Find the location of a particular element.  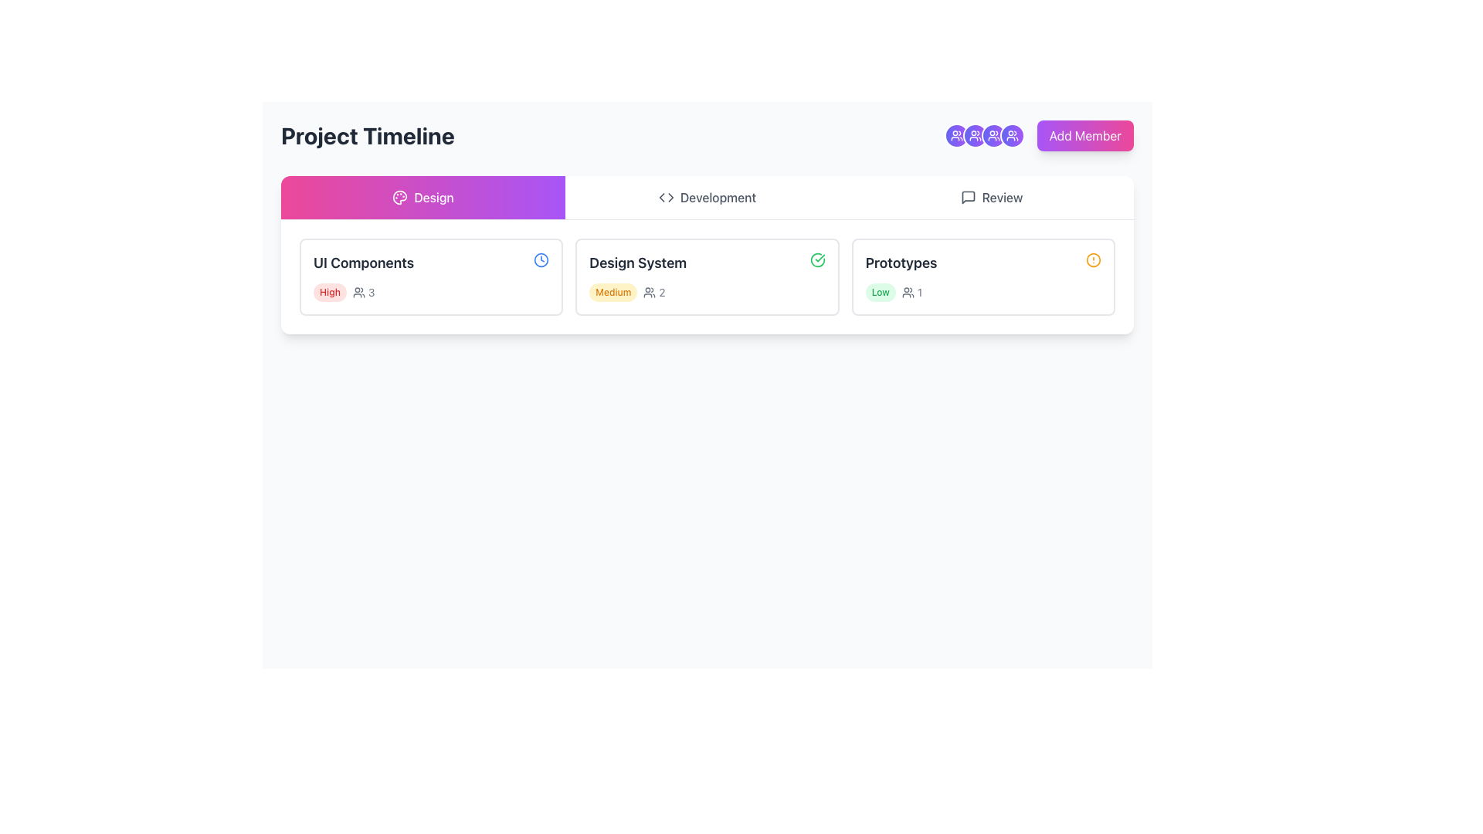

the small text label reading 'Low' with a green color and a light green rounded background located in the 'Prototypes' section to the right of 'Design System' is located at coordinates (881, 292).